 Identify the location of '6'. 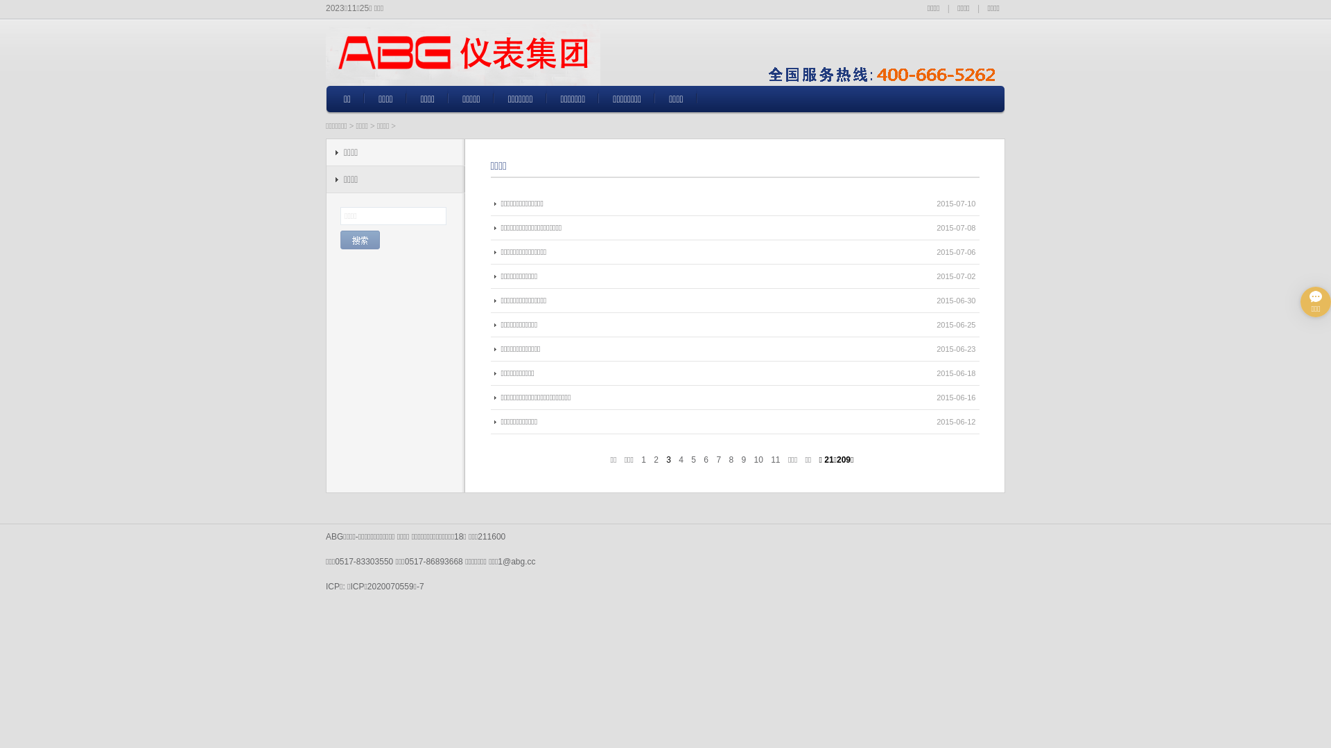
(706, 459).